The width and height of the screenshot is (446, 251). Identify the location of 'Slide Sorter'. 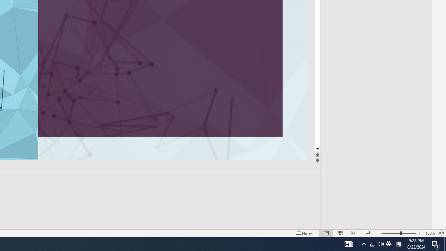
(340, 233).